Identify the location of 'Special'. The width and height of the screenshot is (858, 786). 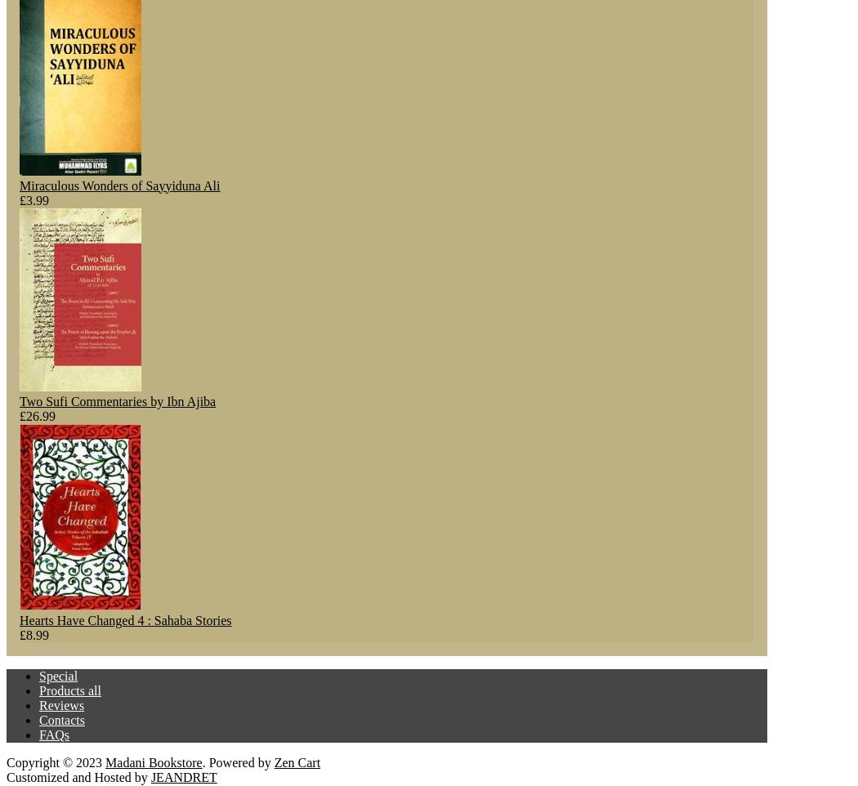
(57, 675).